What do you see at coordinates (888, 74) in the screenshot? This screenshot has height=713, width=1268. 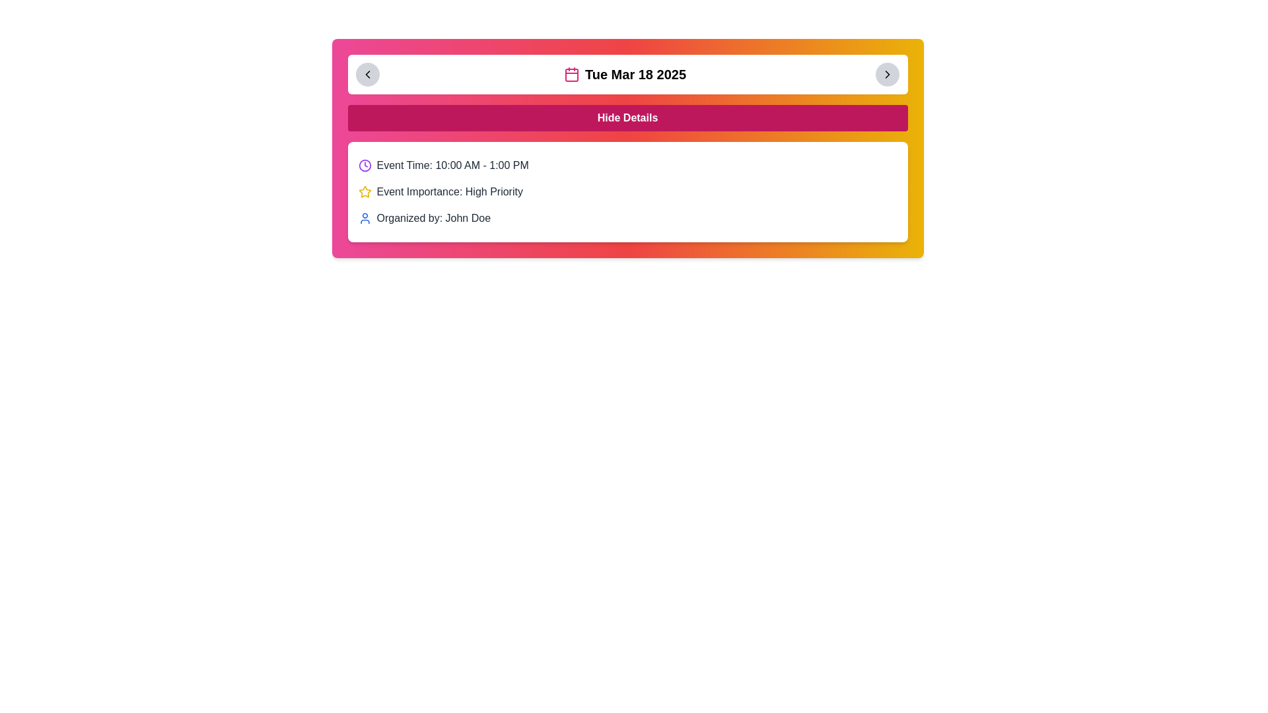 I see `the chevron-right SVG icon located inside the circular button at the top-right corner of the main content box, adjacent to the title 'Tue Mar 18 2025'` at bounding box center [888, 74].